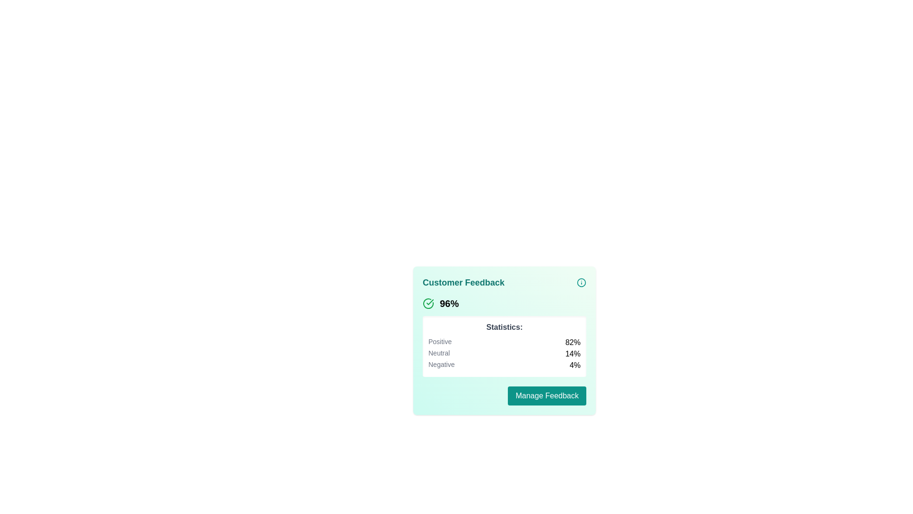  I want to click on the 'Neutral' feedback statistics label, which is positioned vertically between the 'Positive' and 'Negative' entries in the feedback summary card, so click(438, 354).